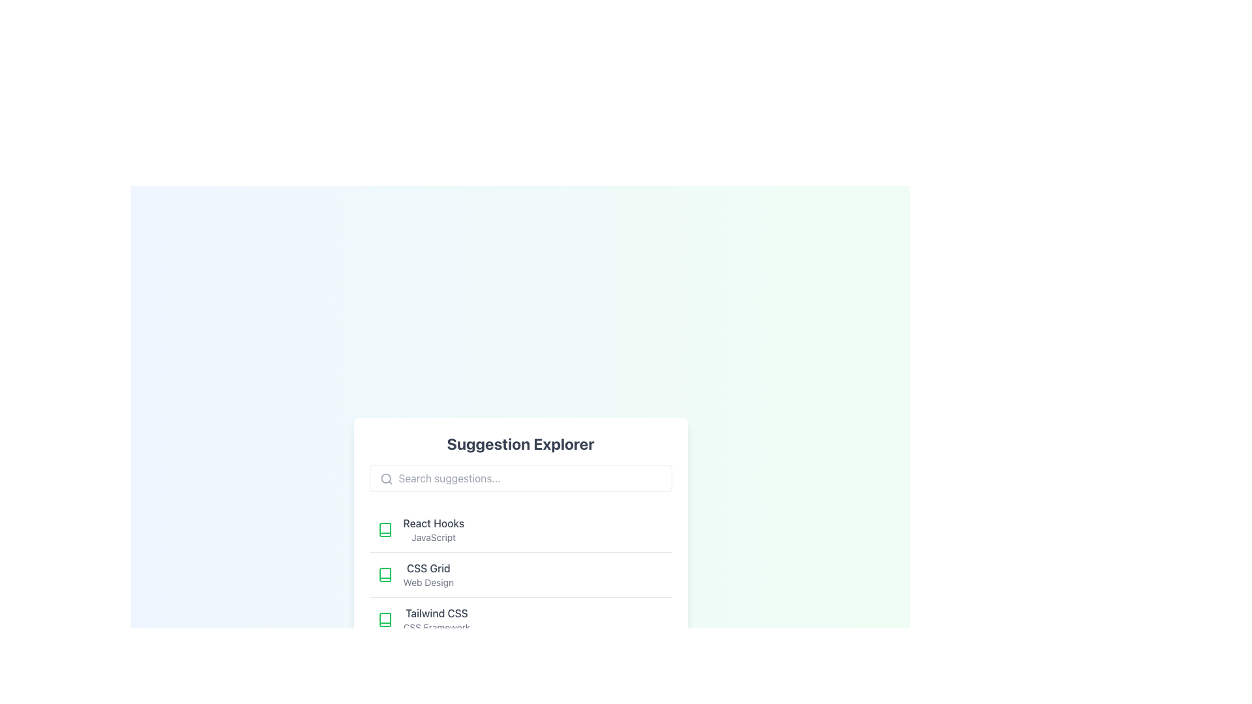 The image size is (1252, 704). Describe the element at coordinates (428, 567) in the screenshot. I see `text of the 'CSS Grid' title, which is the second suggestion in the list of suggestions under the 'Suggestion Explorer' search bar` at that location.